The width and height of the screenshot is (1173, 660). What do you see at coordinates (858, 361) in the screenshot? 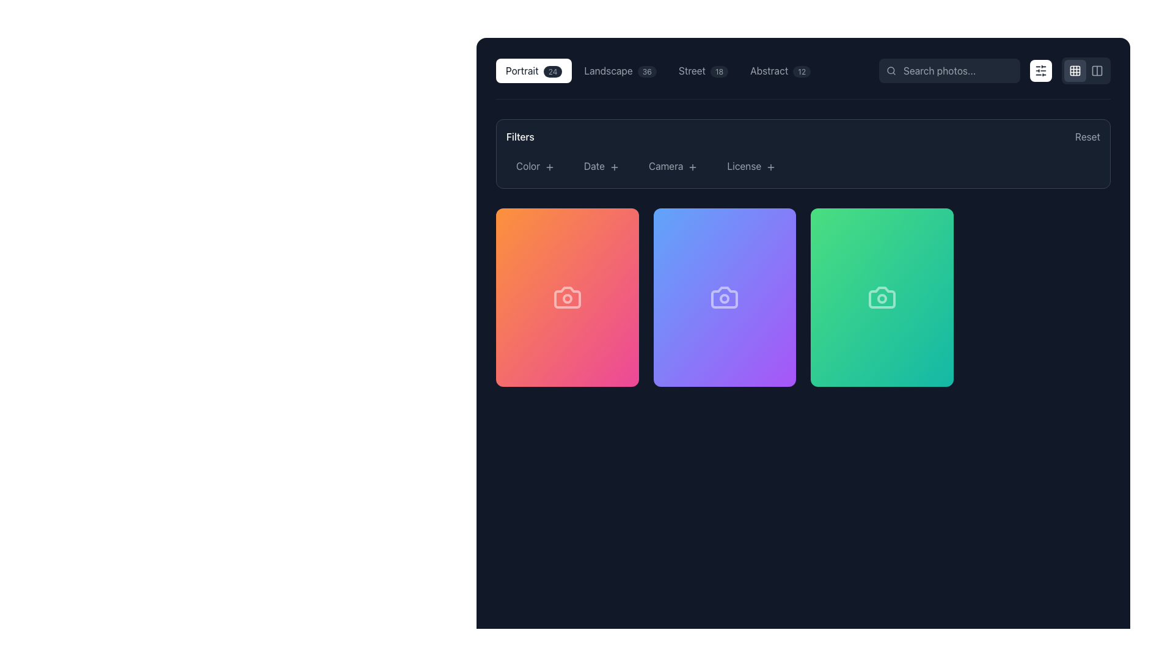
I see `the Grouped indicator displaying counters or indicators, located at the bottom section of the green card in the third column from the left` at bounding box center [858, 361].